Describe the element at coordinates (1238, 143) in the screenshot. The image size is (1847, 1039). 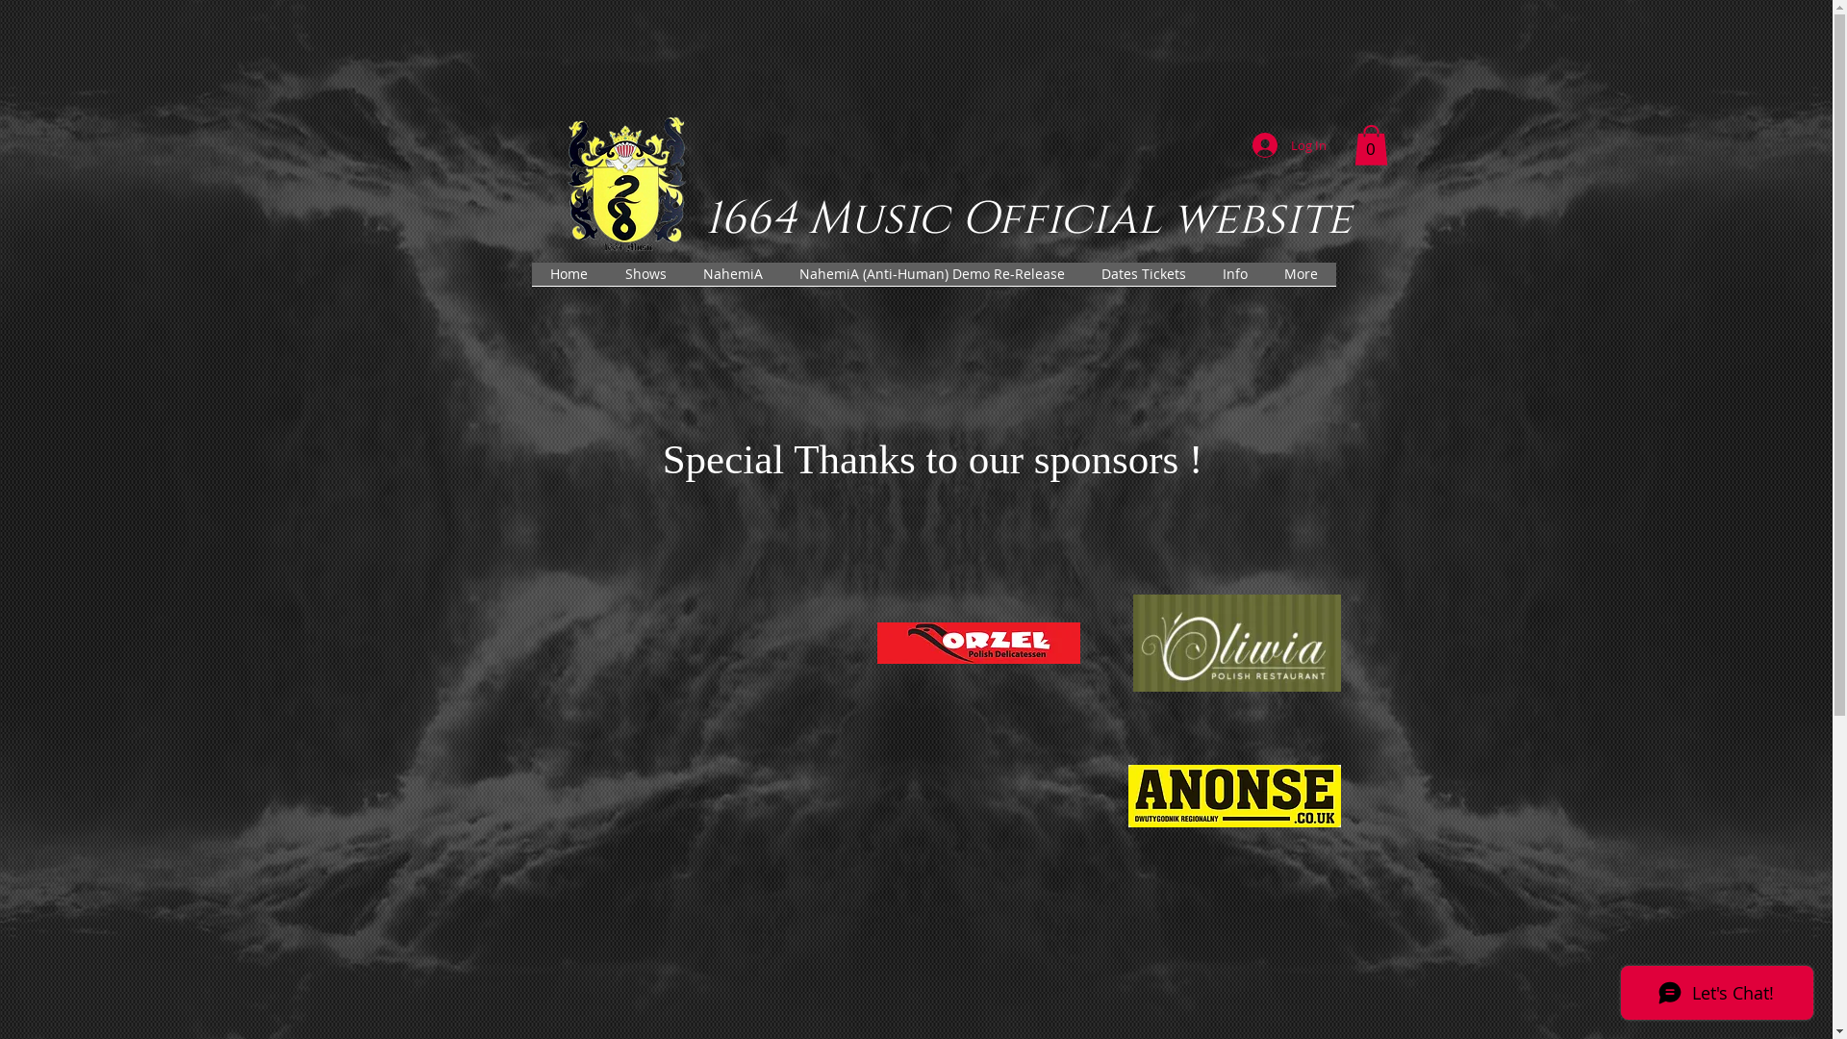
I see `'Log In'` at that location.